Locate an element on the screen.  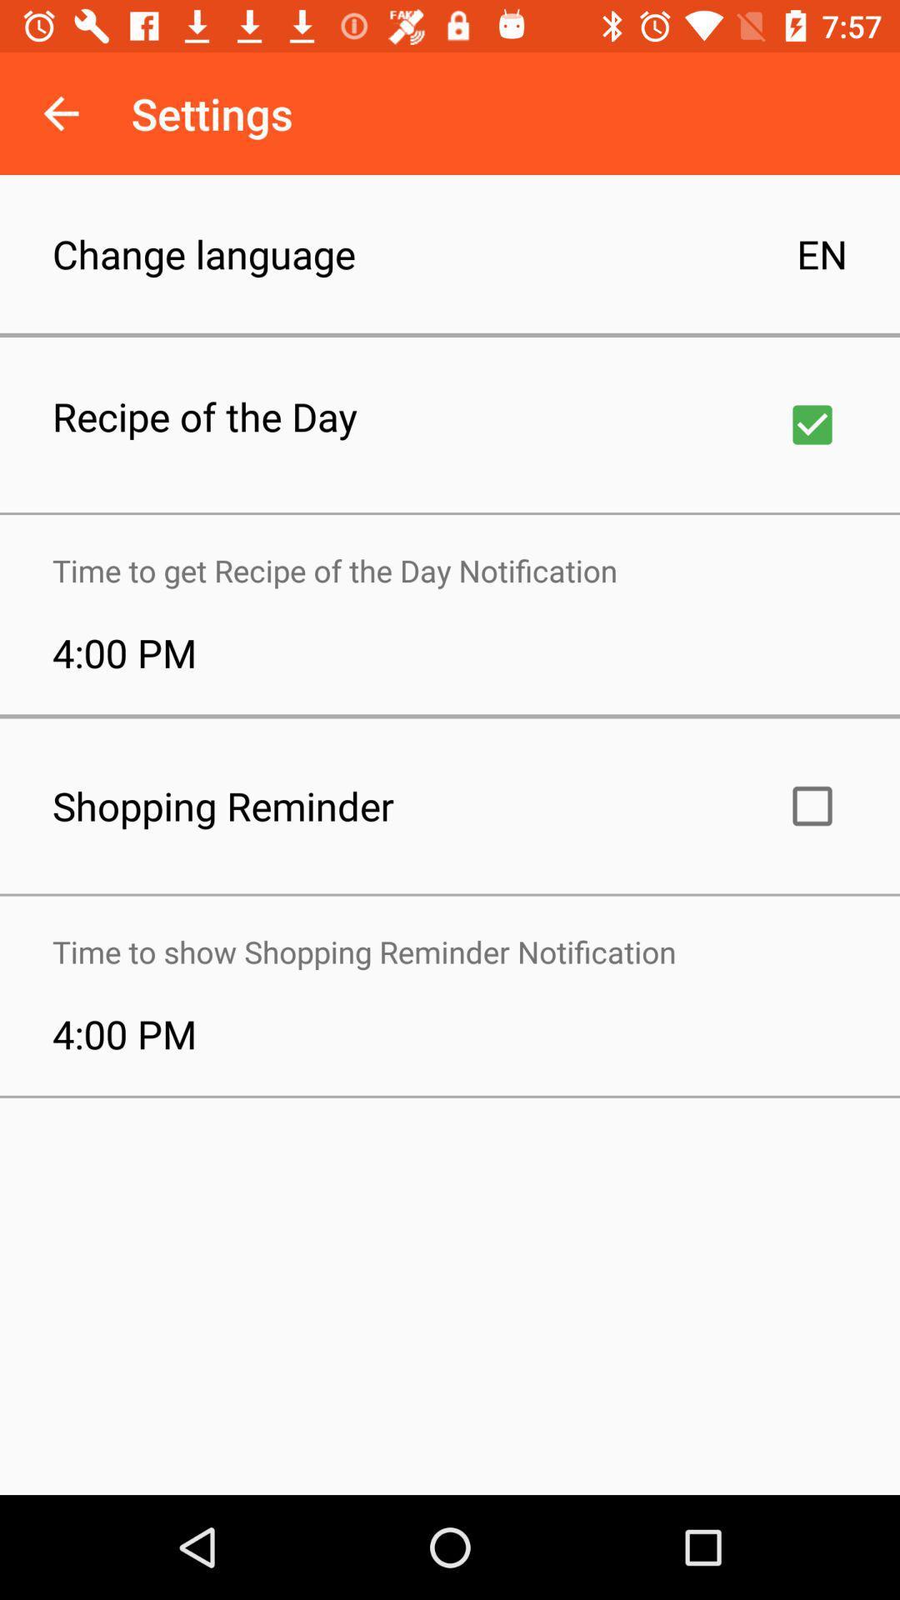
set the reminder is located at coordinates (812, 806).